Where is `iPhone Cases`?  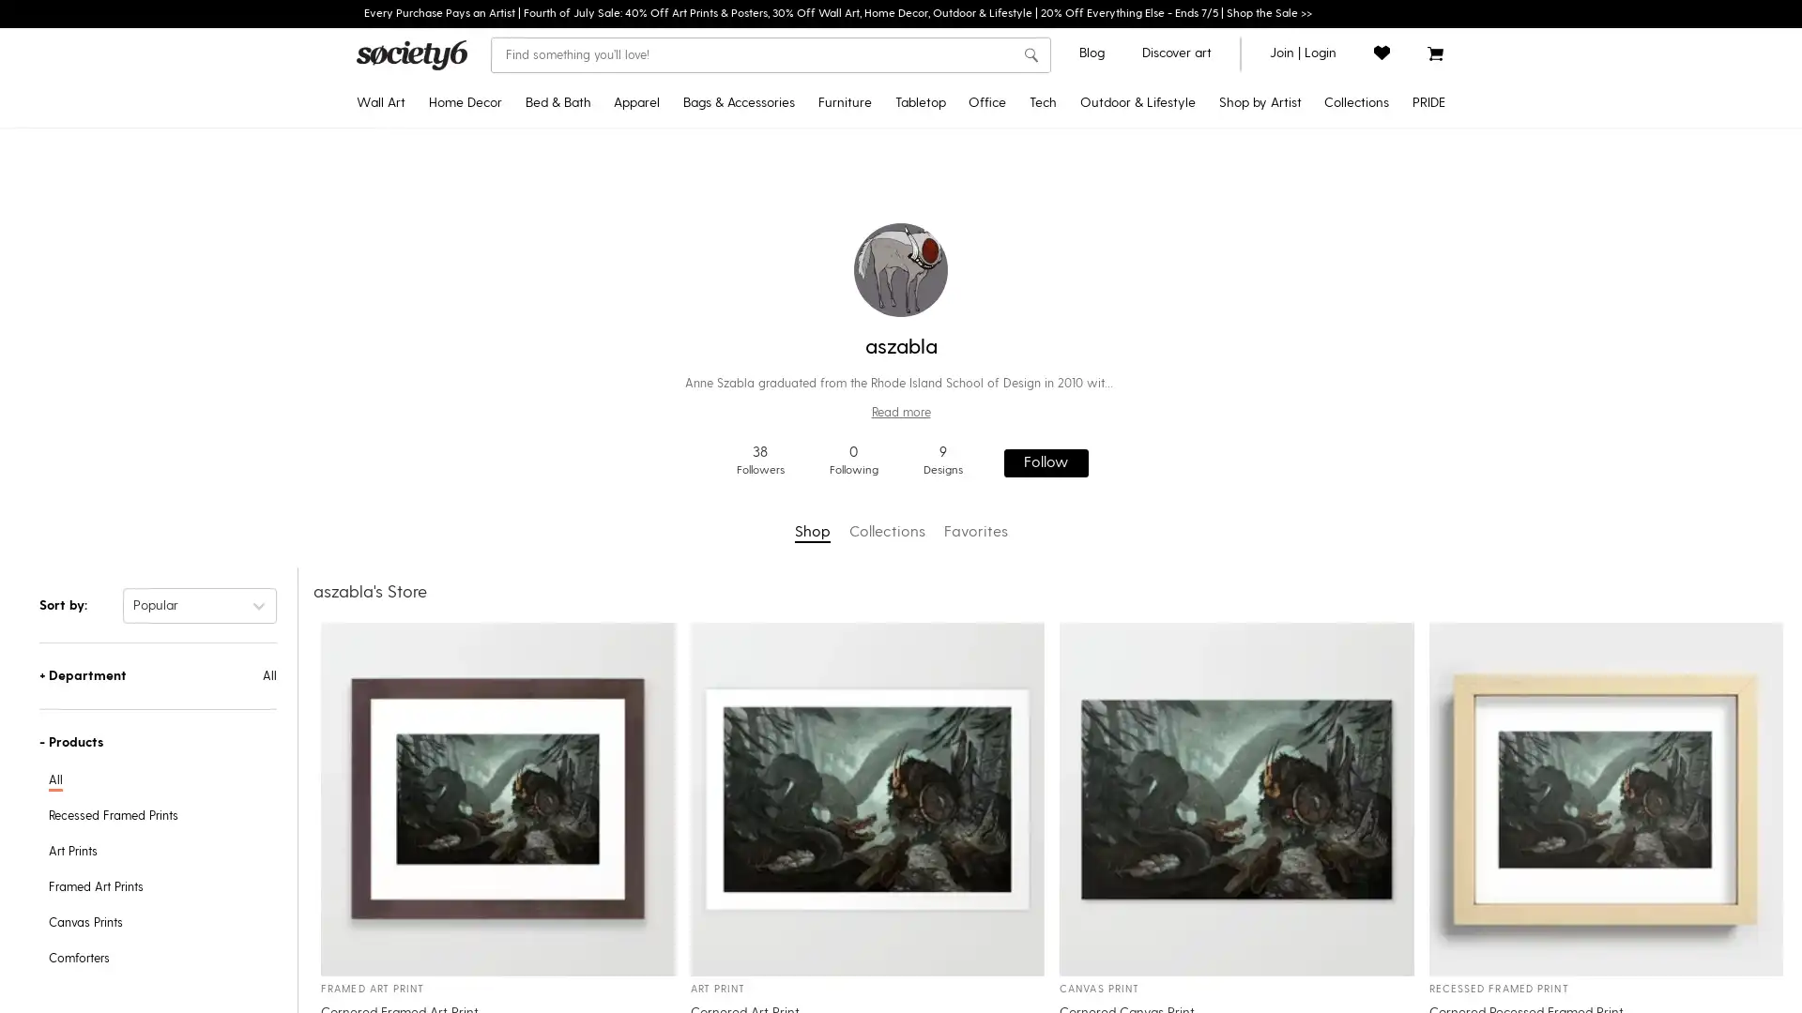 iPhone Cases is located at coordinates (1109, 150).